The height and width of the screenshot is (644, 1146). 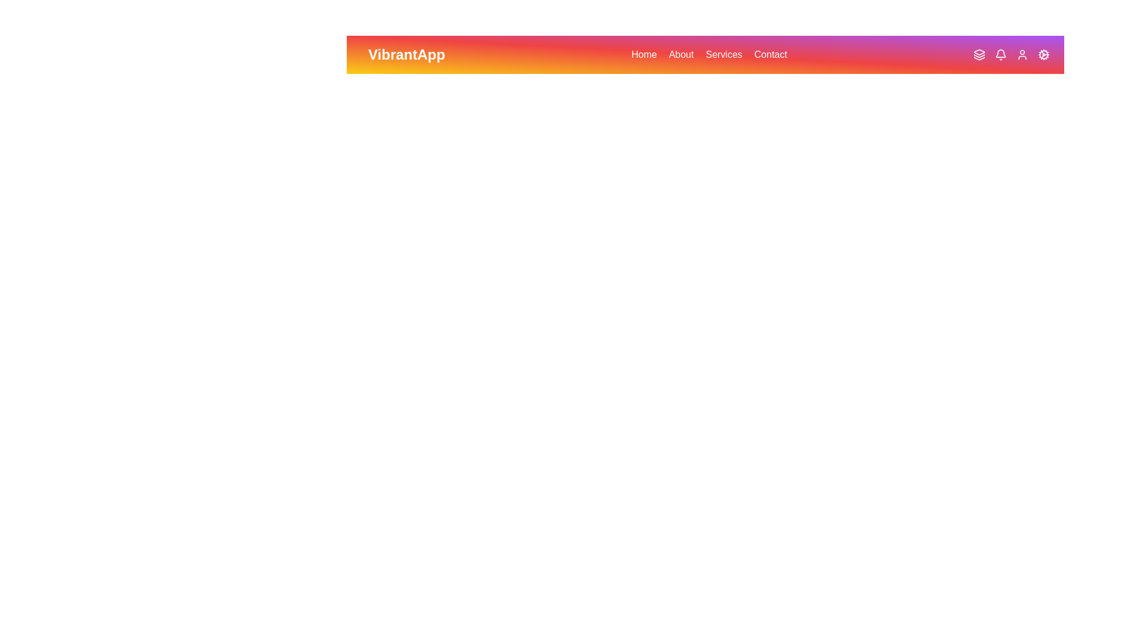 I want to click on the link labeled Home to trigger its hover effect, so click(x=643, y=55).